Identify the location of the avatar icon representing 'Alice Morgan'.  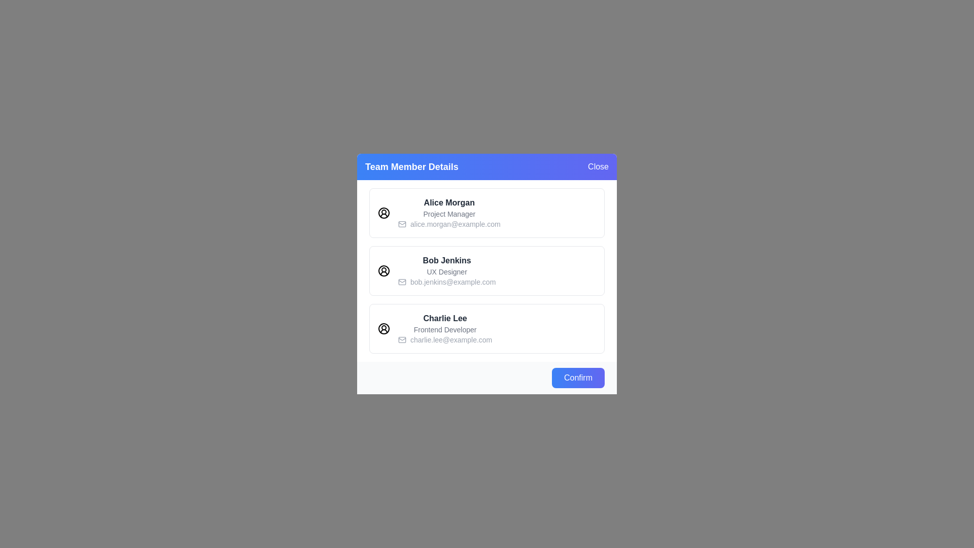
(384, 213).